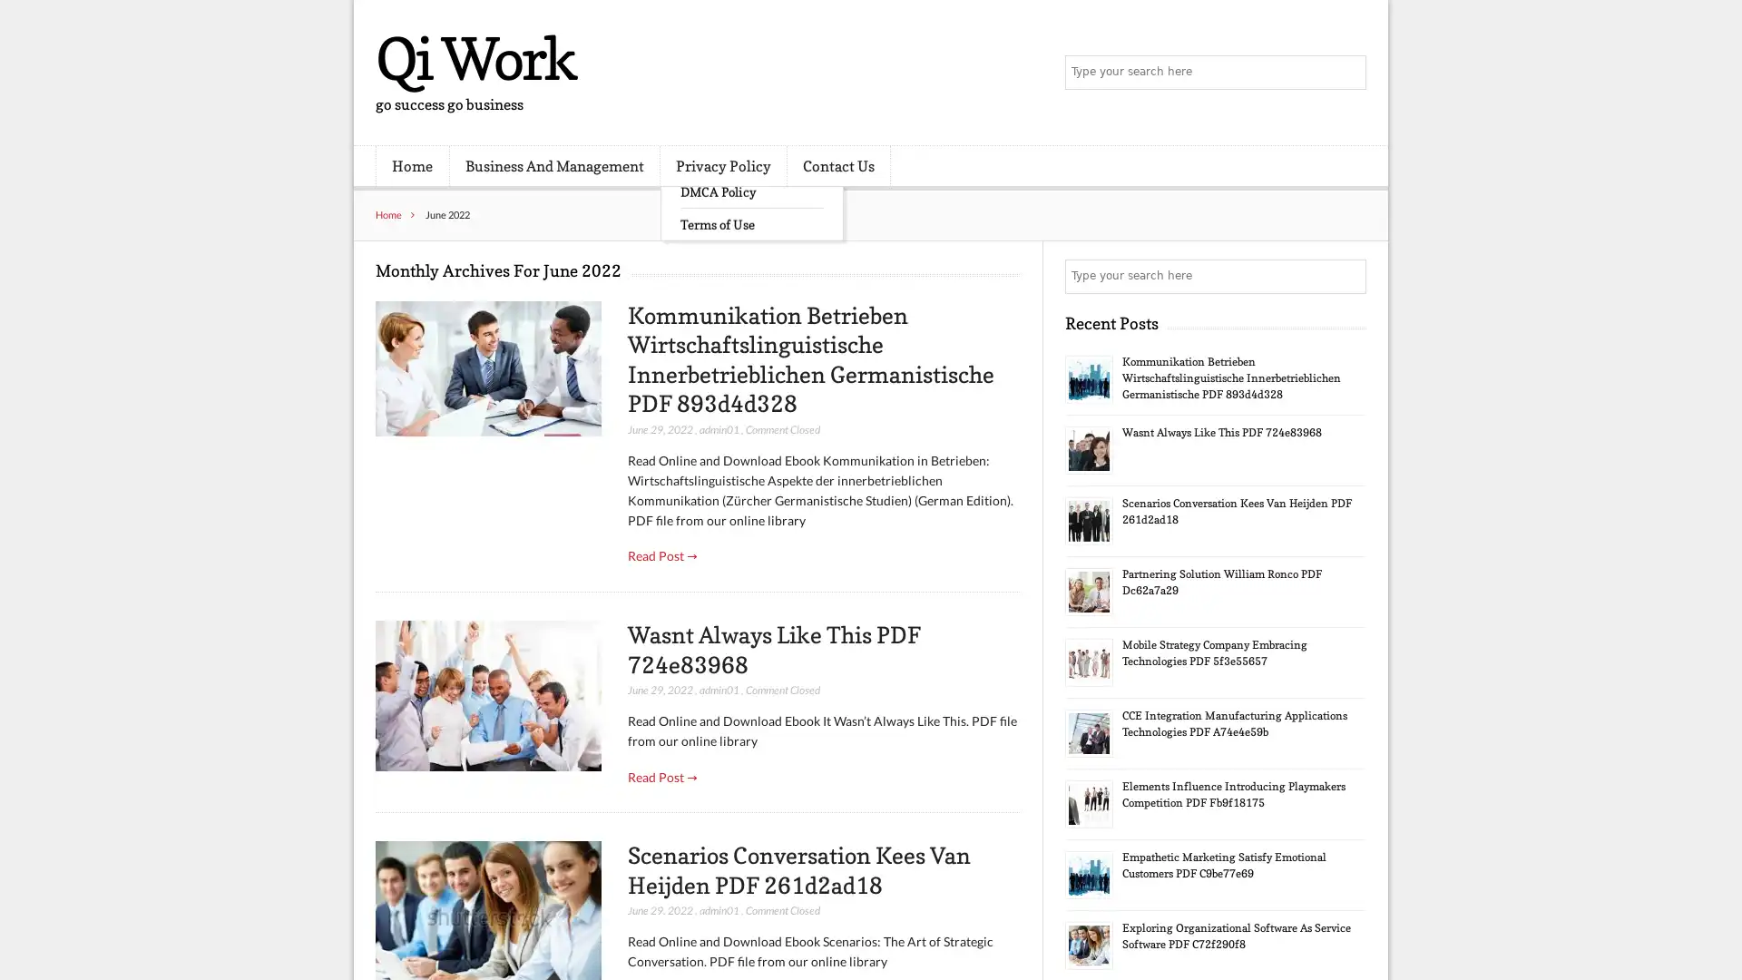  Describe the element at coordinates (1347, 73) in the screenshot. I see `Search` at that location.